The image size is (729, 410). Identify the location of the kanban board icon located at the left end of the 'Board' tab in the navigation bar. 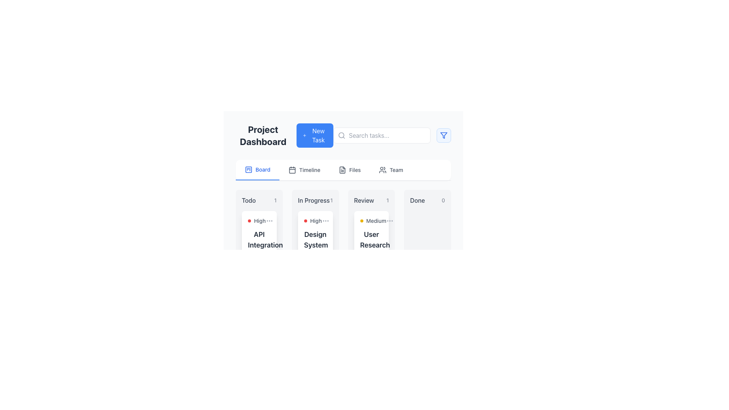
(248, 169).